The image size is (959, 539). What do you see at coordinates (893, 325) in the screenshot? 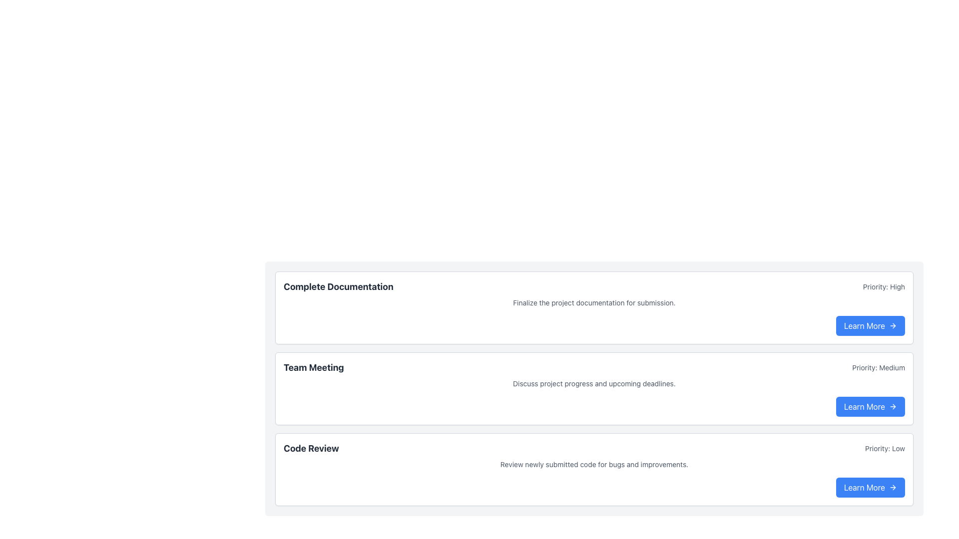
I see `the arrow icon located on the far right side of the 'Learn More' button` at bounding box center [893, 325].